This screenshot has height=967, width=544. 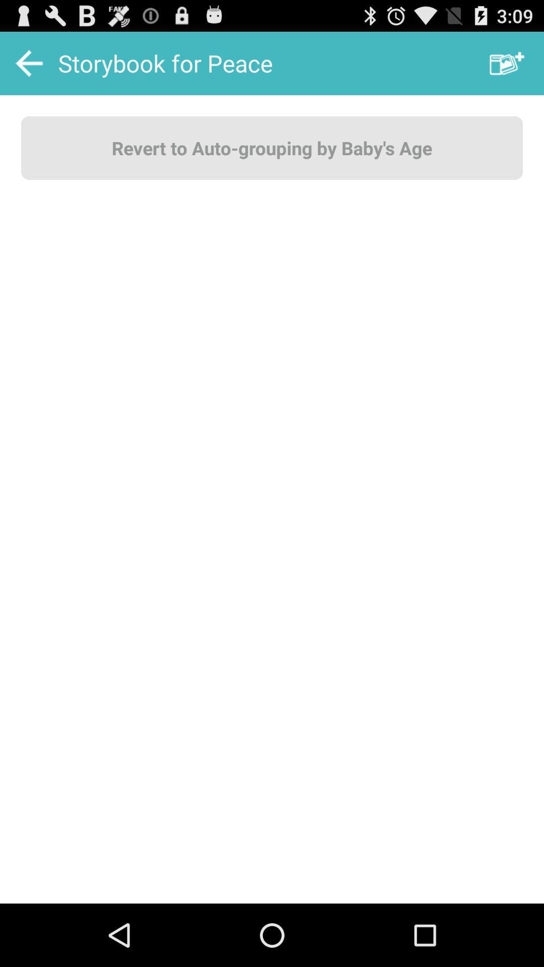 What do you see at coordinates (272, 147) in the screenshot?
I see `revert to auto` at bounding box center [272, 147].